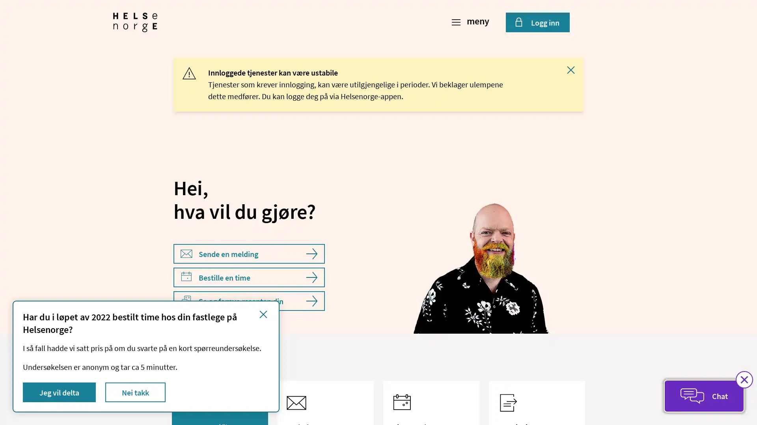 This screenshot has height=425, width=757. What do you see at coordinates (249, 277) in the screenshot?
I see `Bestille en time` at bounding box center [249, 277].